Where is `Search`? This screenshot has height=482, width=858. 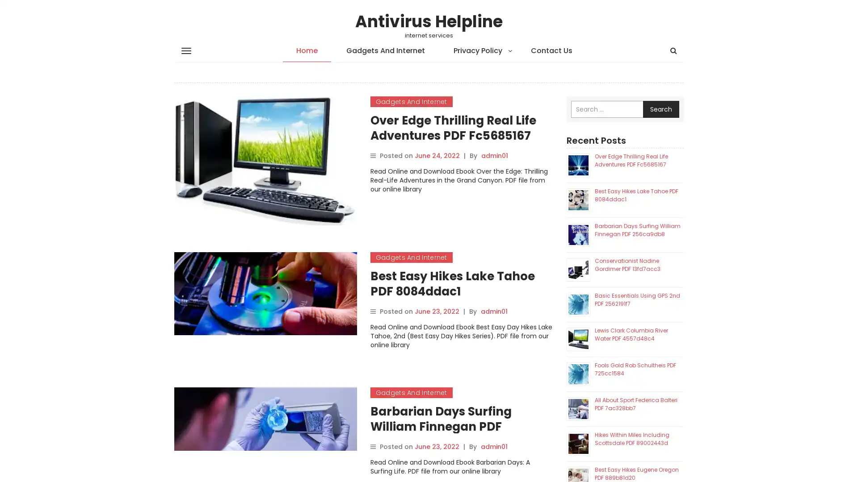
Search is located at coordinates (661, 109).